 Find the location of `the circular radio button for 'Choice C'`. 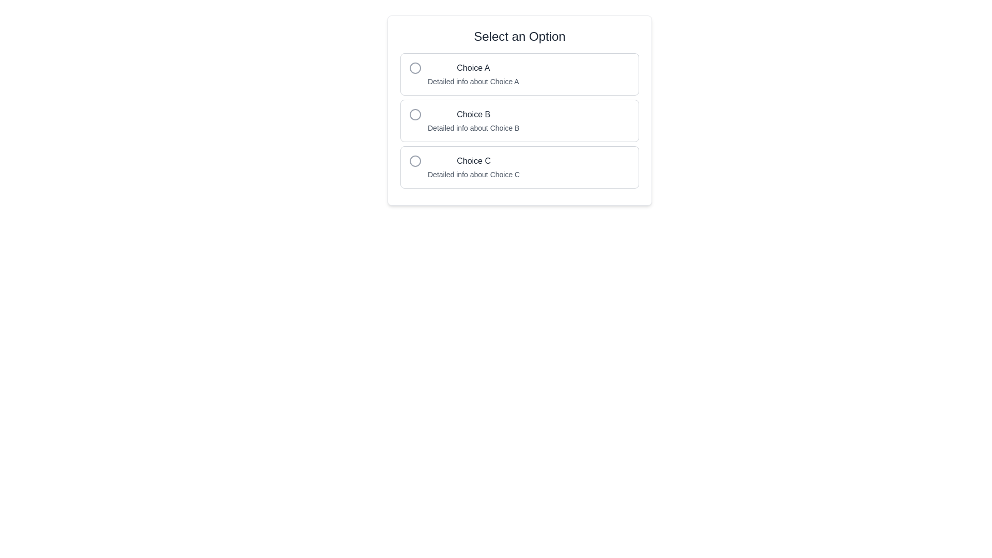

the circular radio button for 'Choice C' is located at coordinates (415, 161).